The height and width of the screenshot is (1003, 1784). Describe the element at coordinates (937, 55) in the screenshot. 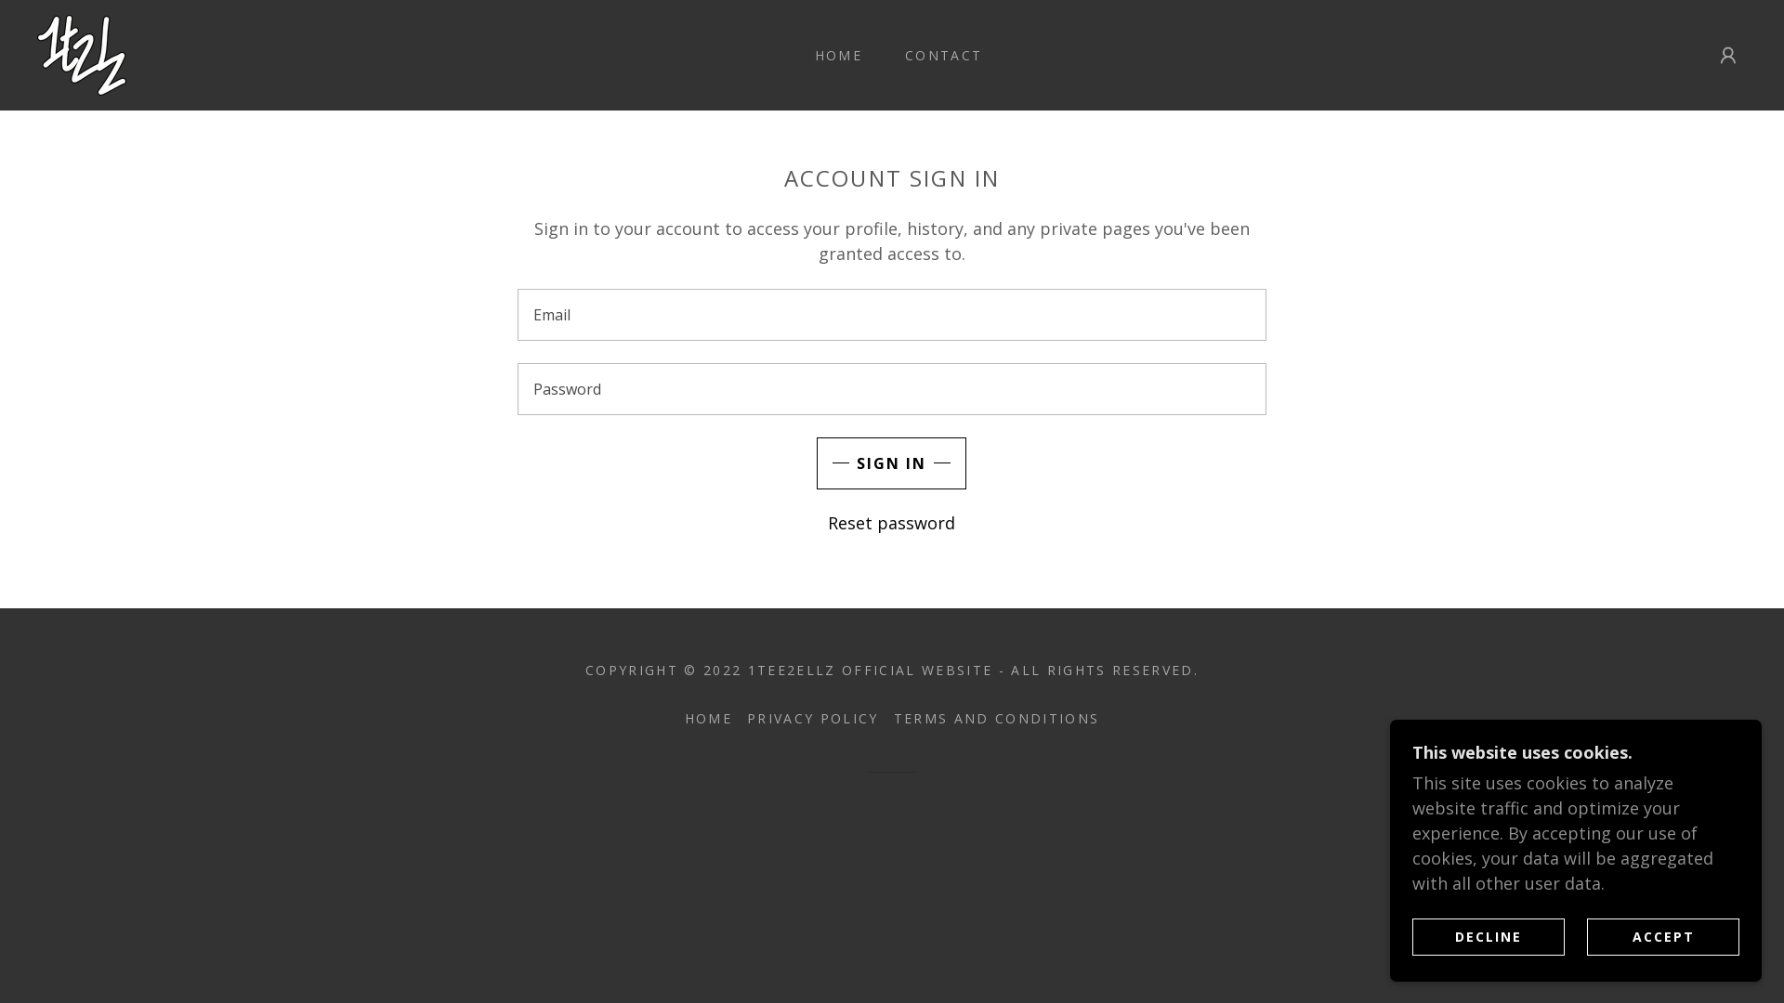

I see `'CONTACT'` at that location.